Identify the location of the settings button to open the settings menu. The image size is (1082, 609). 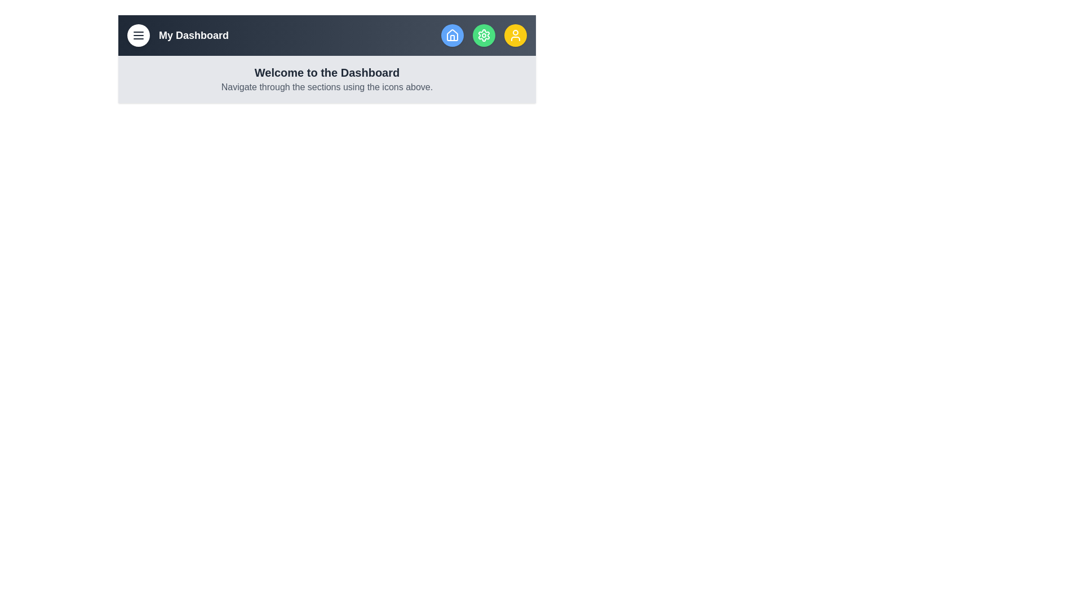
(484, 34).